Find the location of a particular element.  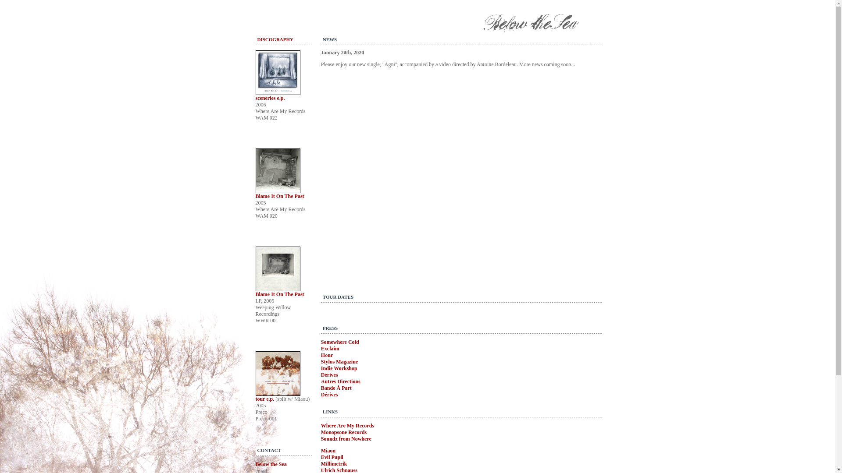

'Stylus Magazine' is located at coordinates (320, 361).